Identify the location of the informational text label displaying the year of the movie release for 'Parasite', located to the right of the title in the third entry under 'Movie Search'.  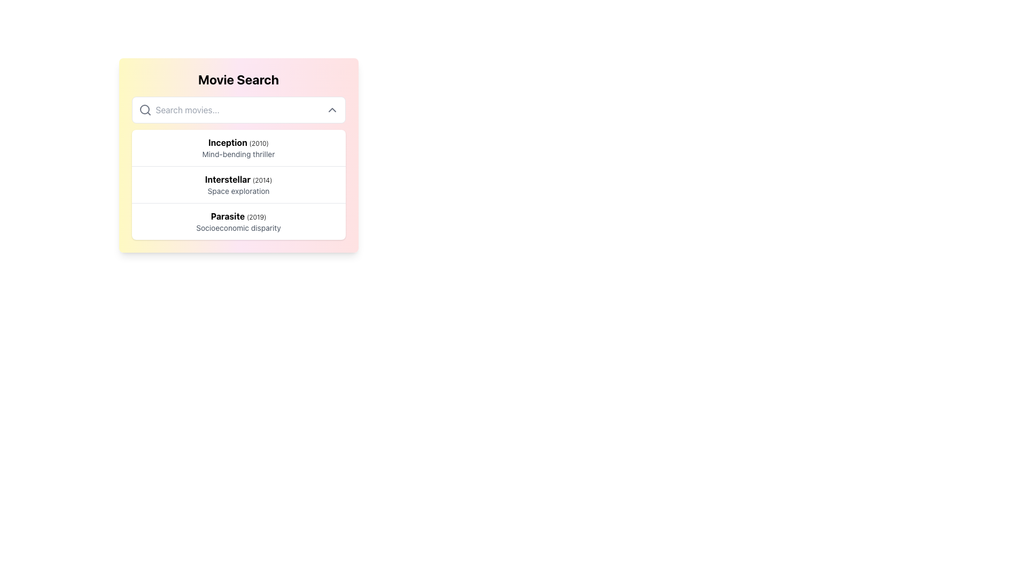
(256, 216).